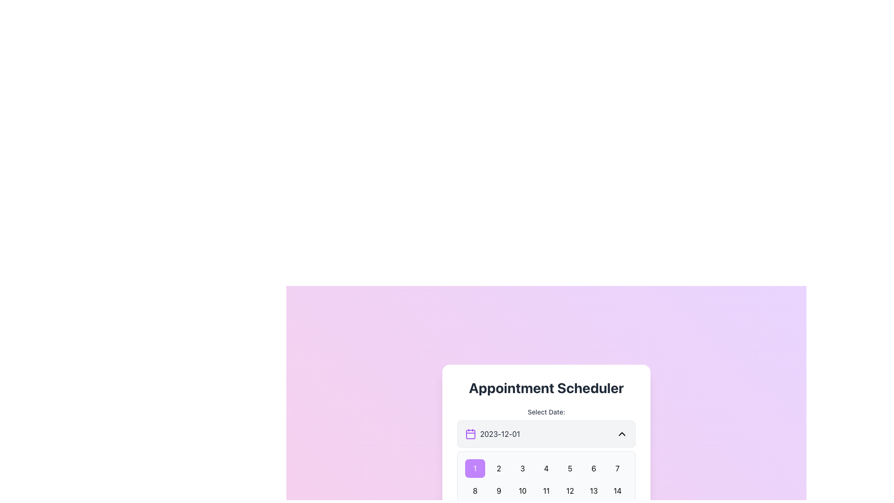  What do you see at coordinates (522, 469) in the screenshot?
I see `the '3' date button` at bounding box center [522, 469].